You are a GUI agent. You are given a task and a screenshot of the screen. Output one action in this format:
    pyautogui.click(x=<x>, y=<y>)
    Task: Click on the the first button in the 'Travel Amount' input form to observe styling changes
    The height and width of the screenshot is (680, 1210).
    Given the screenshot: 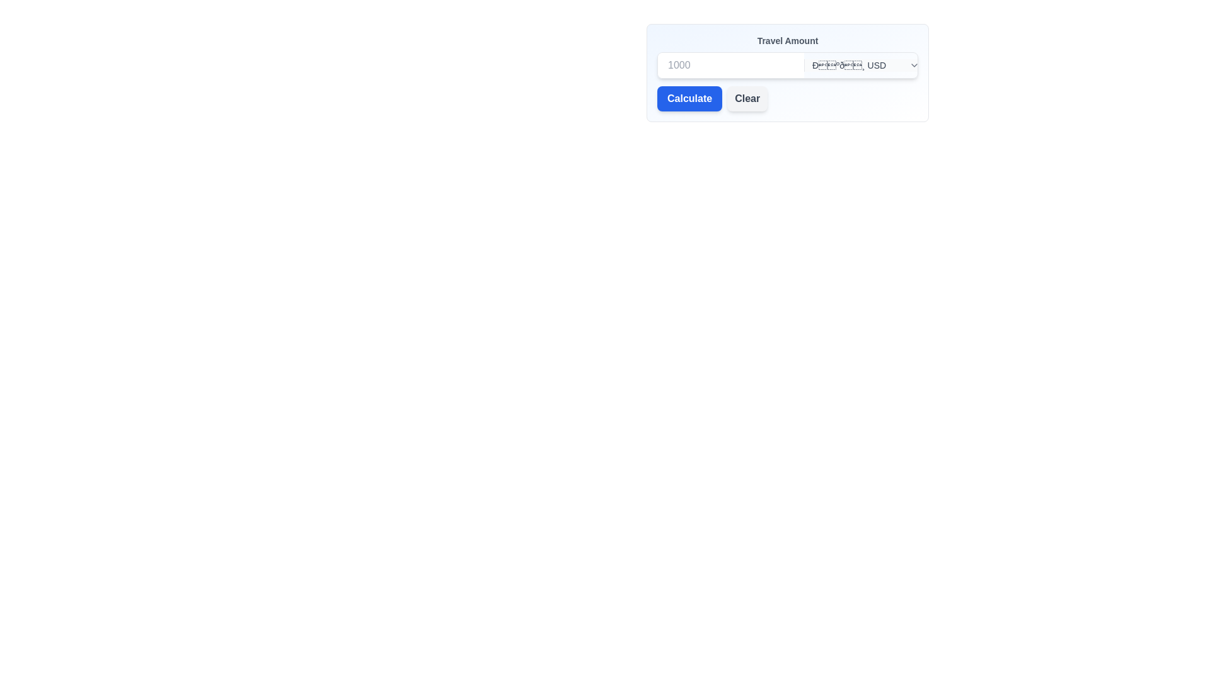 What is the action you would take?
    pyautogui.click(x=689, y=98)
    